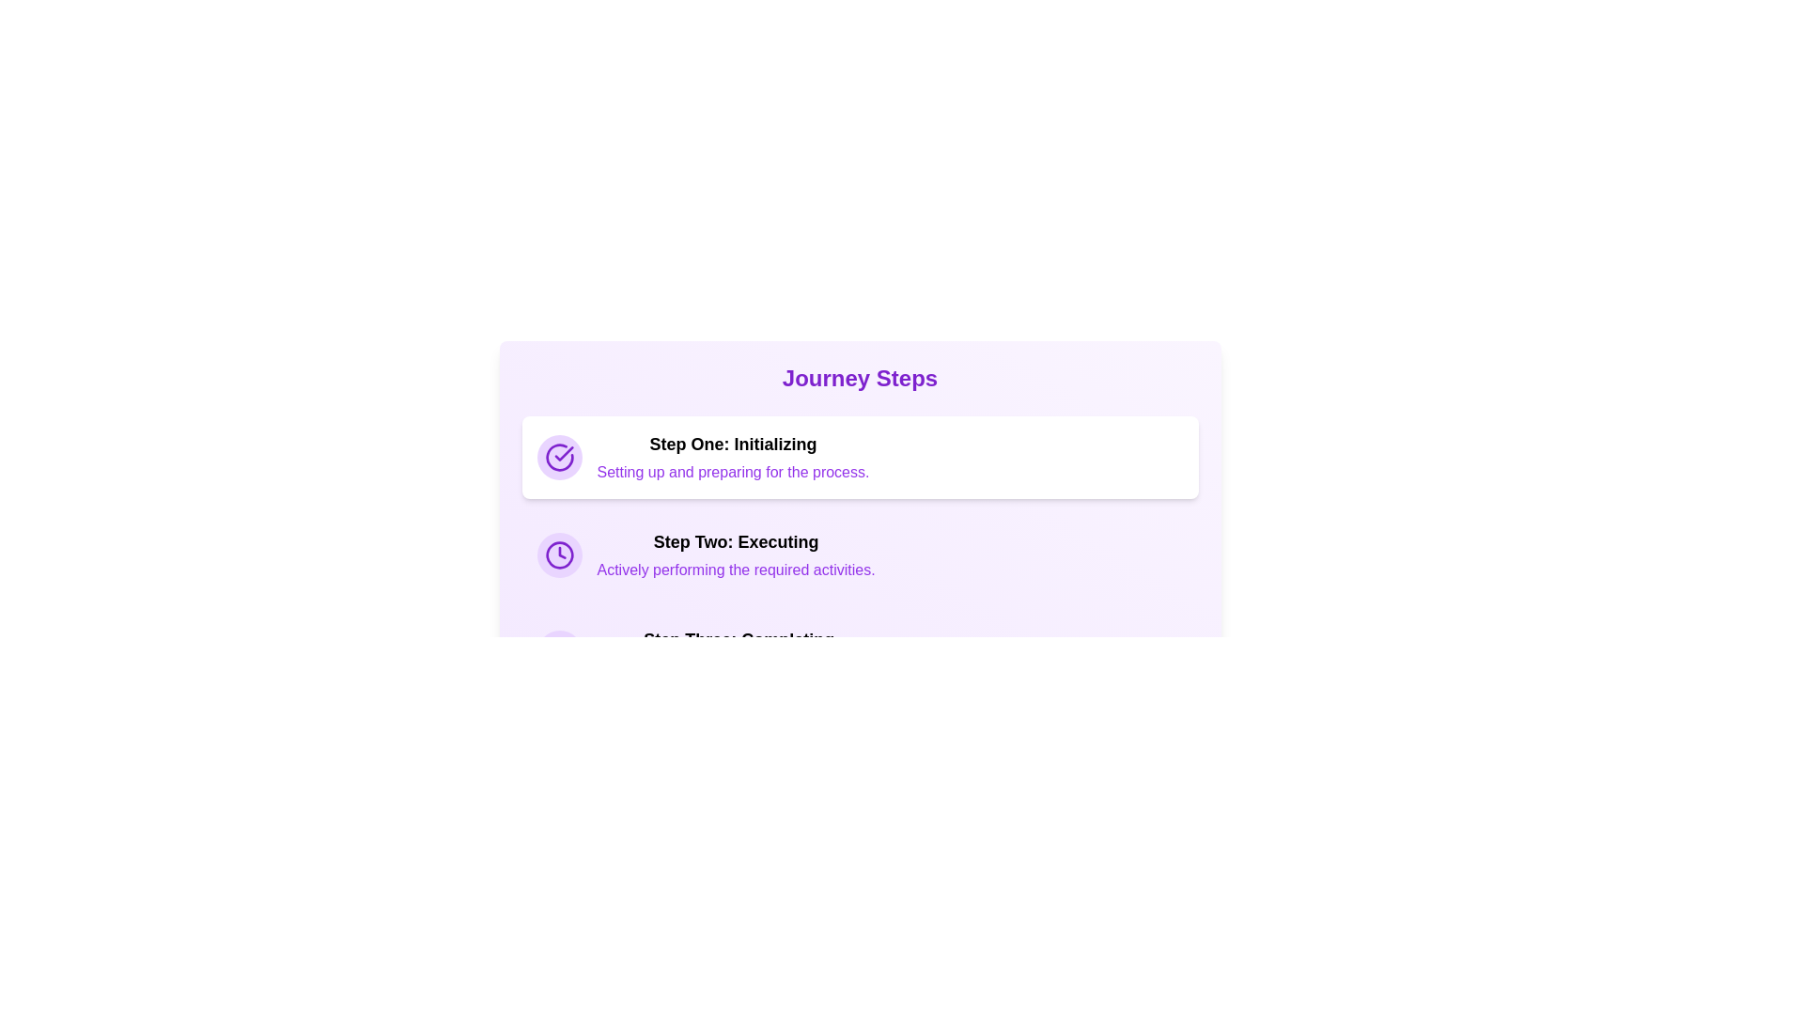 The image size is (1804, 1015). Describe the element at coordinates (732, 457) in the screenshot. I see `the text content in the first card of the 'Journey Steps' section to trigger tooltips` at that location.